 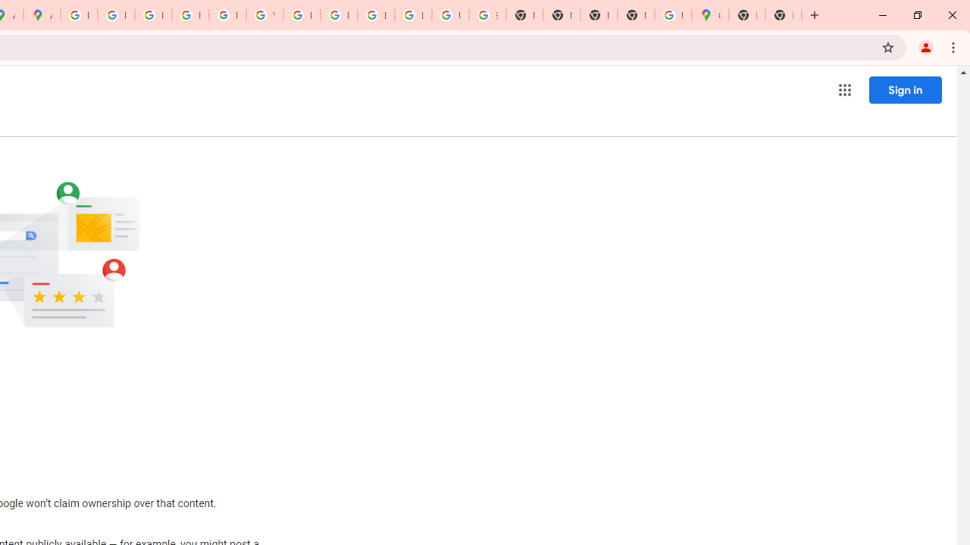 I want to click on 'YouTube', so click(x=264, y=15).